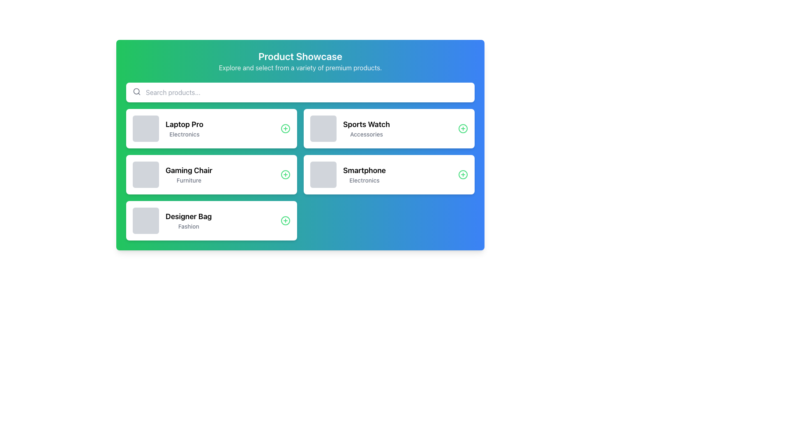 The width and height of the screenshot is (789, 444). I want to click on the button located in the rightmost corner of the 'Laptop Pro' product card, so click(286, 128).